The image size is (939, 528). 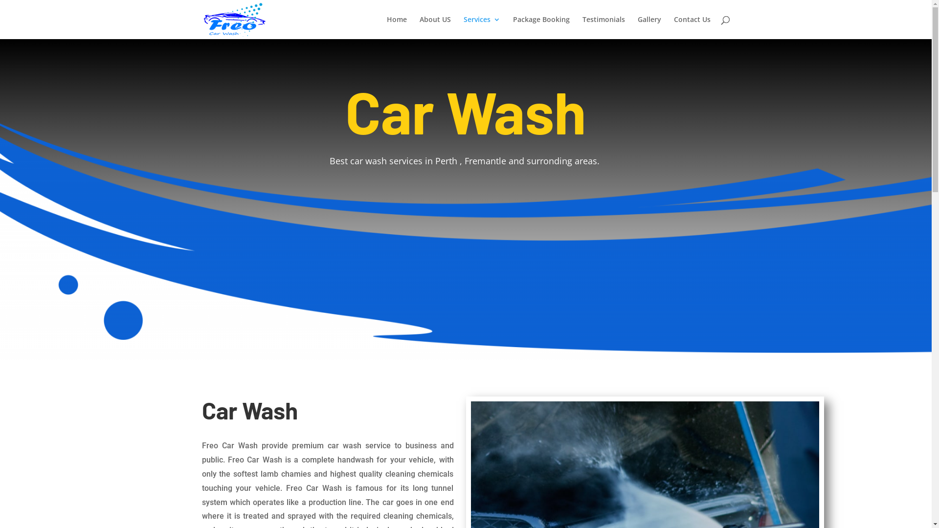 What do you see at coordinates (465, 241) in the screenshot?
I see `'car-wash-33'` at bounding box center [465, 241].